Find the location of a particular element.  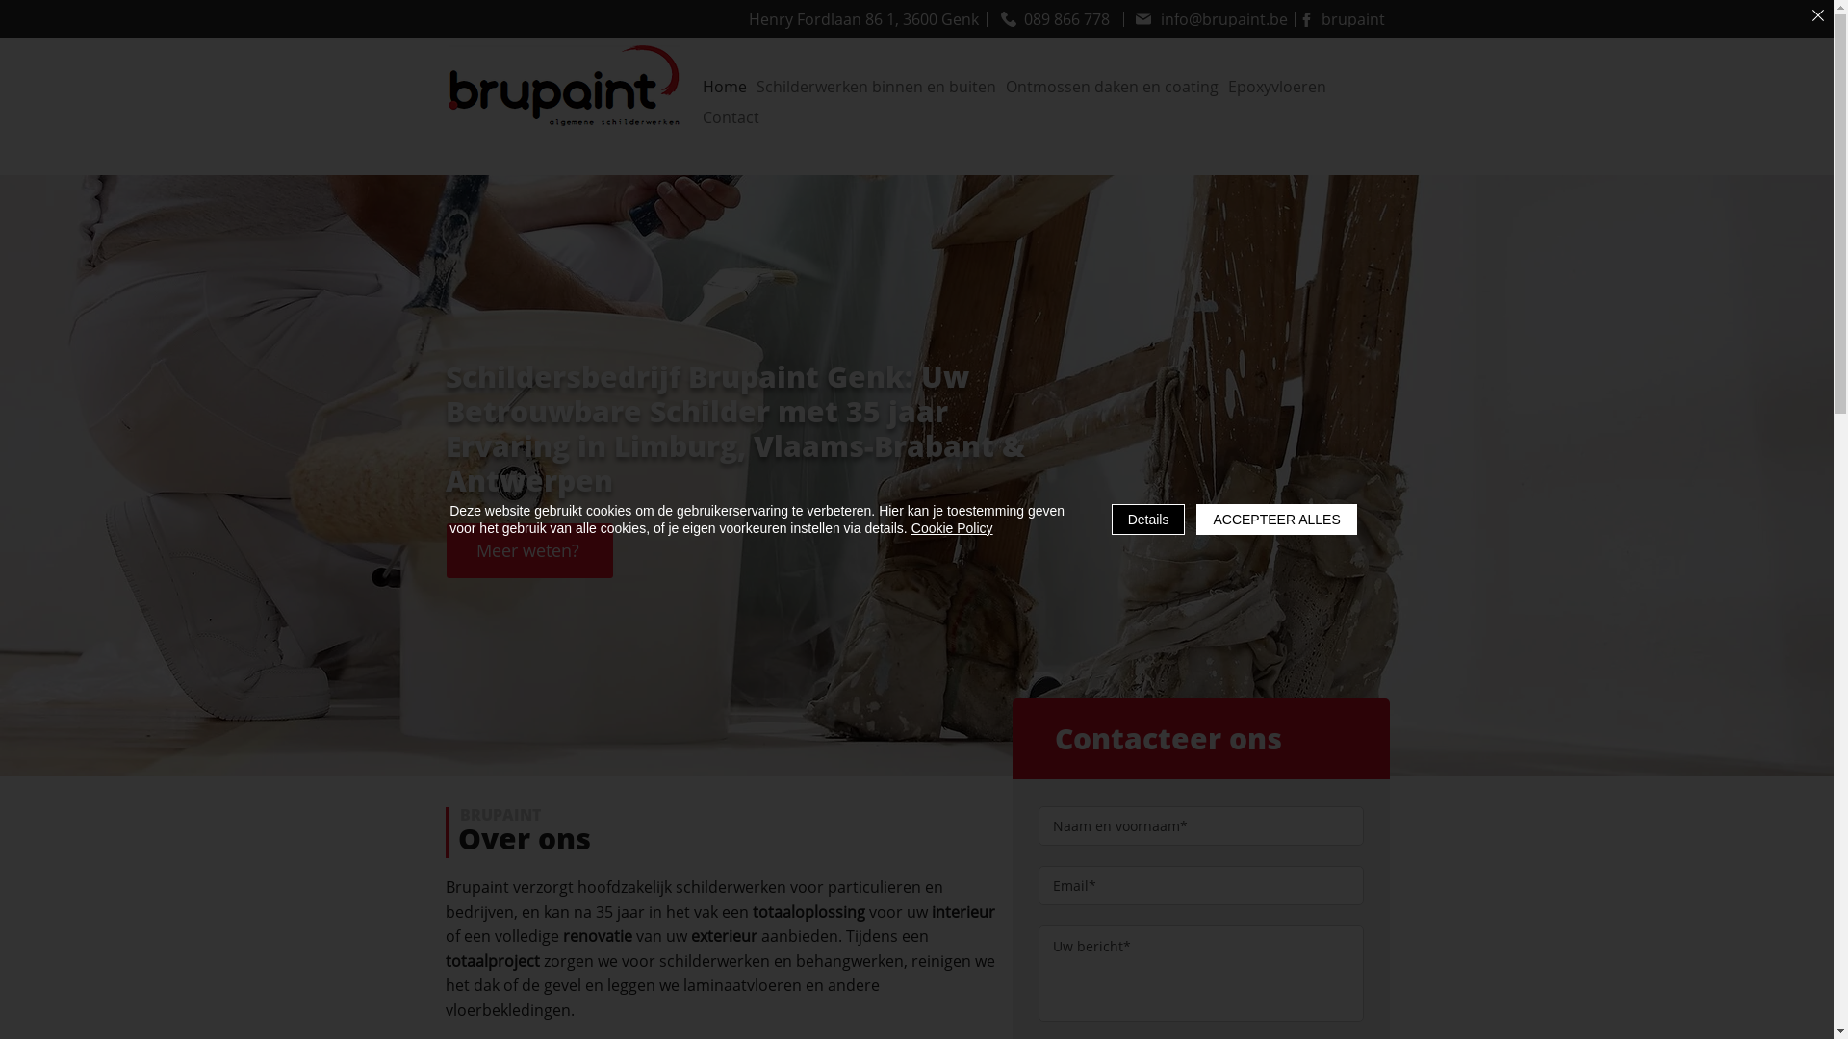

'info@brupaint.be' is located at coordinates (1209, 18).